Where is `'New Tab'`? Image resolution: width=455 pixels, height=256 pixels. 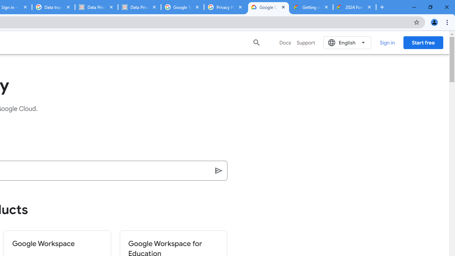
'New Tab' is located at coordinates (382, 7).